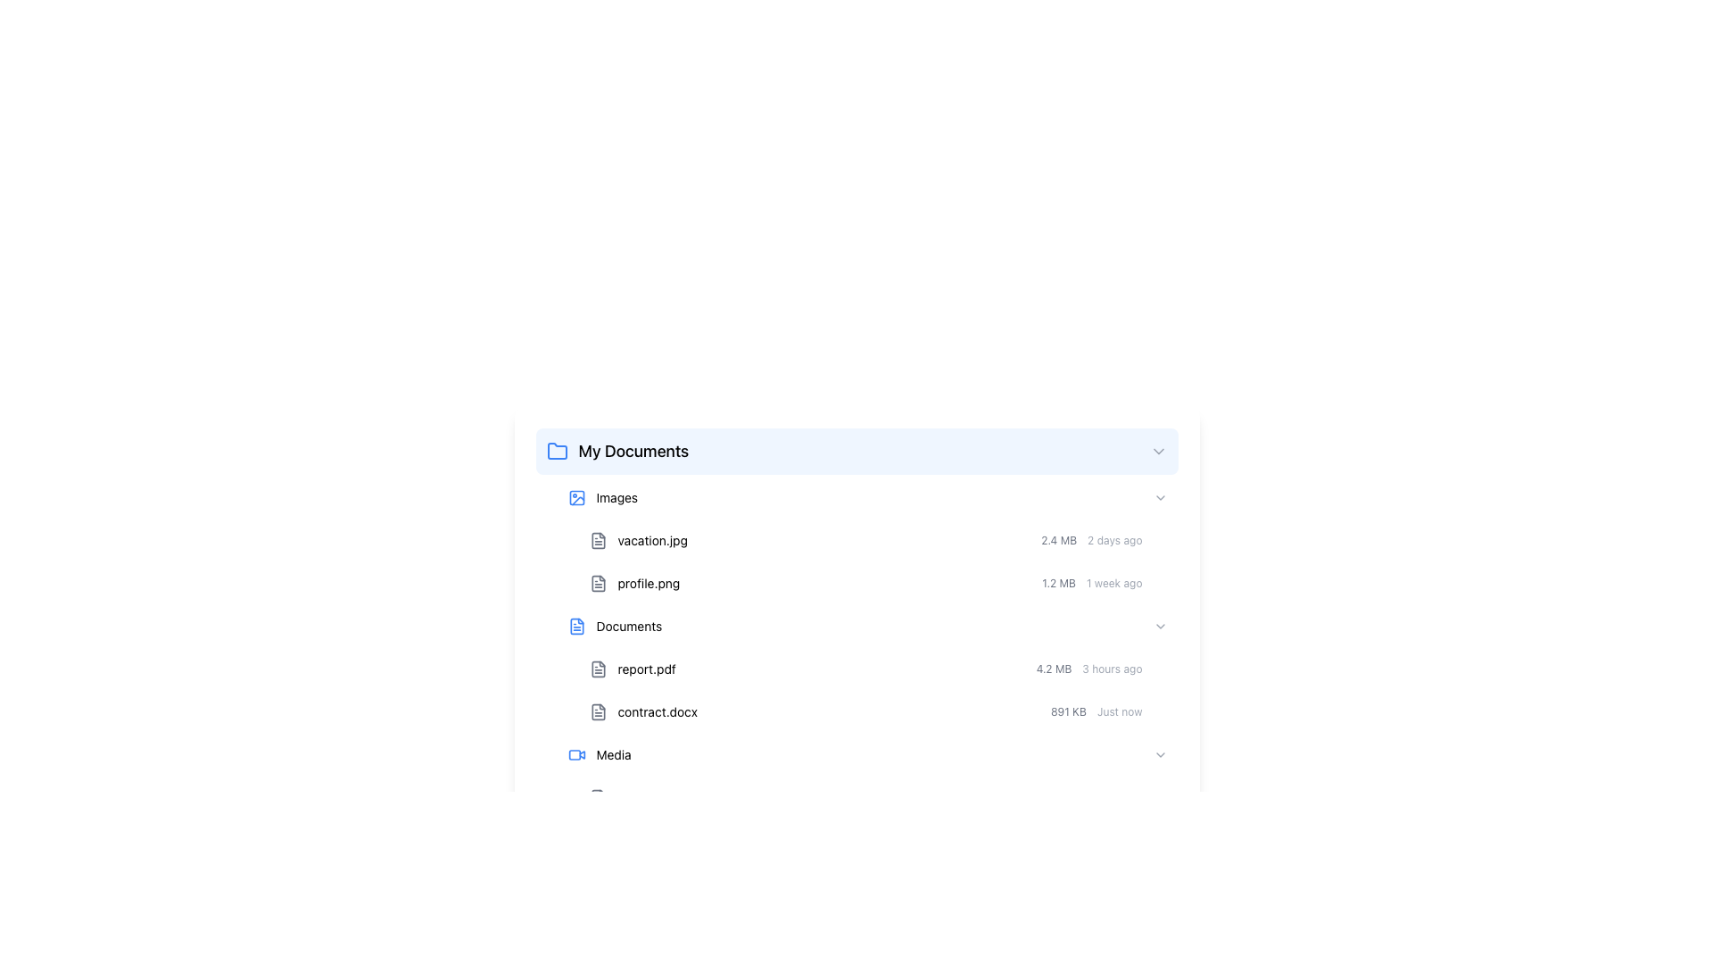 The image size is (1713, 964). Describe the element at coordinates (651, 539) in the screenshot. I see `the text label displaying the filename 'vacation.jpg' located` at that location.